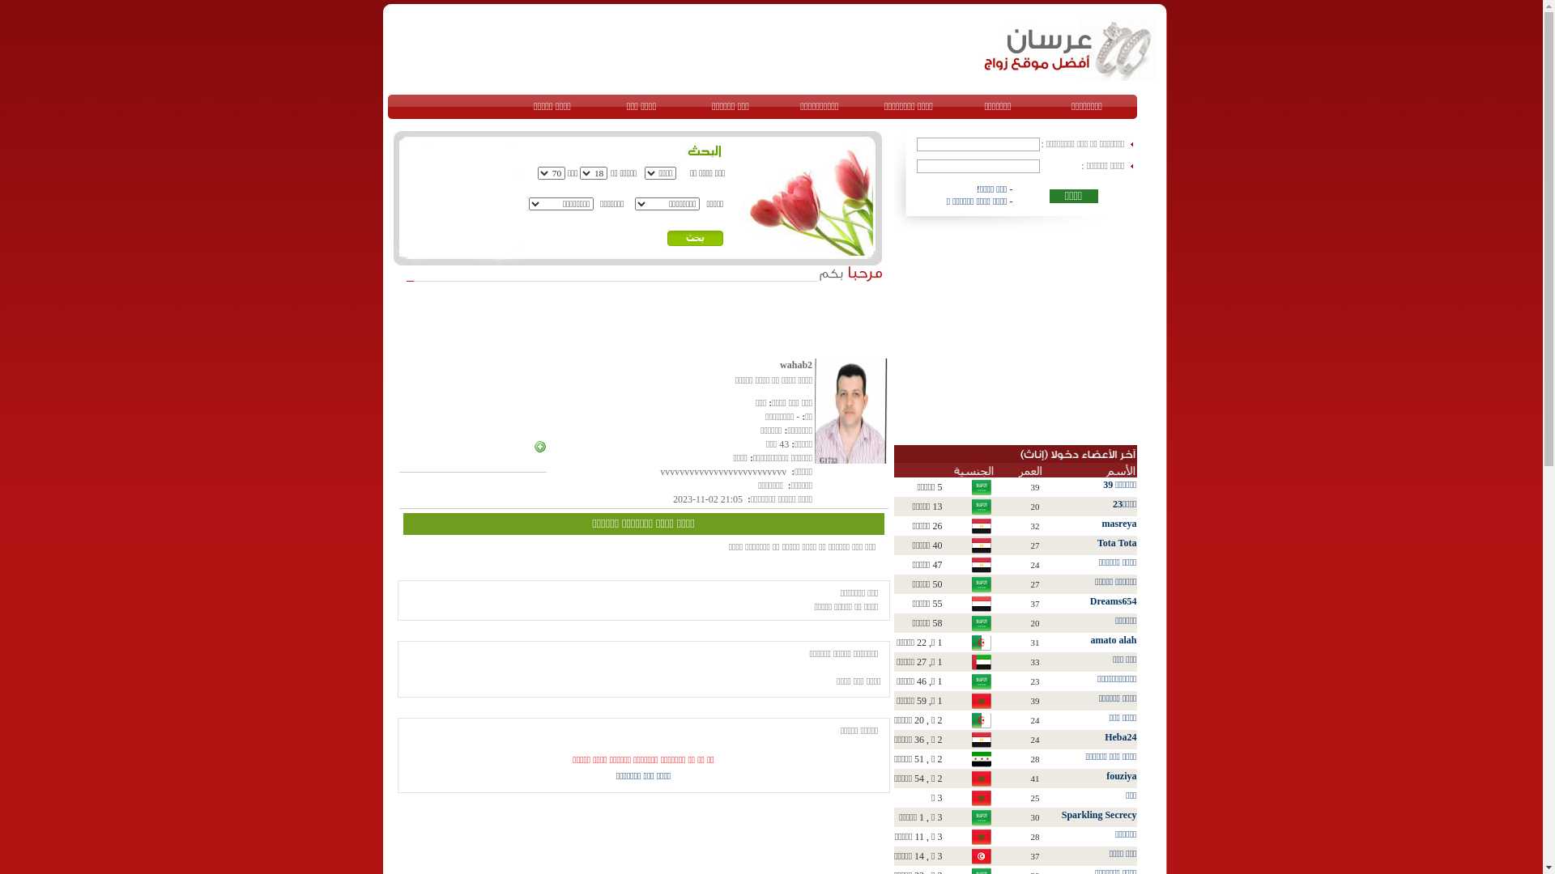  I want to click on 'fouziya', so click(1120, 775).